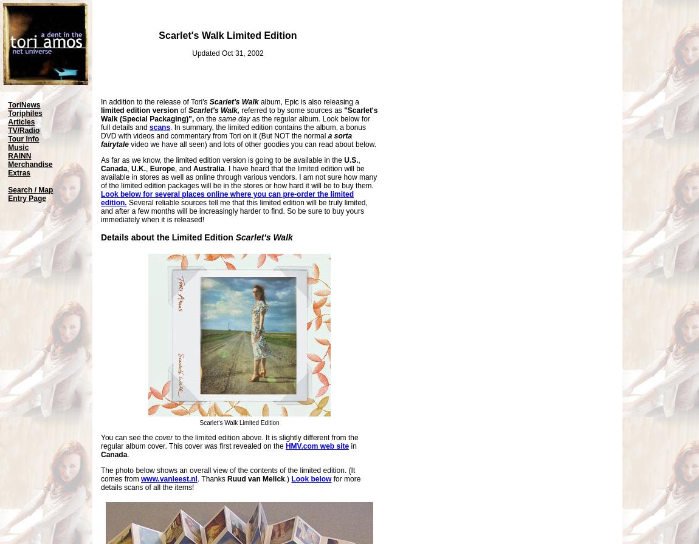 This screenshot has height=544, width=699. I want to click on 'a sorta fairytale', so click(226, 139).